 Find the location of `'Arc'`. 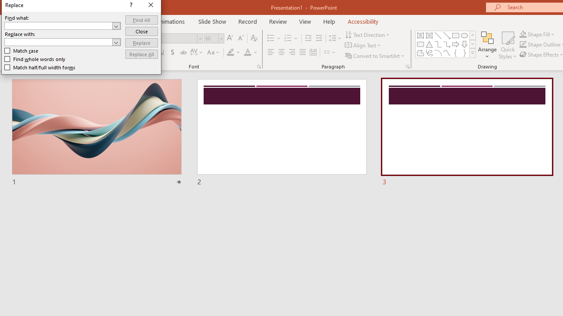

'Arc' is located at coordinates (438, 53).